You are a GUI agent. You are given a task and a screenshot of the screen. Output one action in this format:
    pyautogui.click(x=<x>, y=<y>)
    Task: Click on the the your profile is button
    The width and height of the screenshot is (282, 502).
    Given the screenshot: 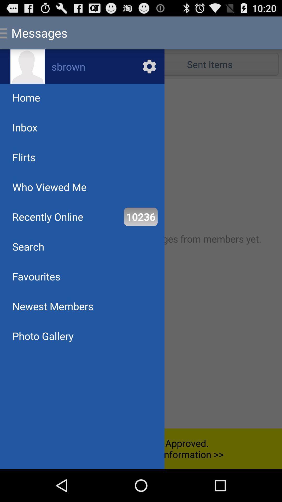 What is the action you would take?
    pyautogui.click(x=141, y=448)
    